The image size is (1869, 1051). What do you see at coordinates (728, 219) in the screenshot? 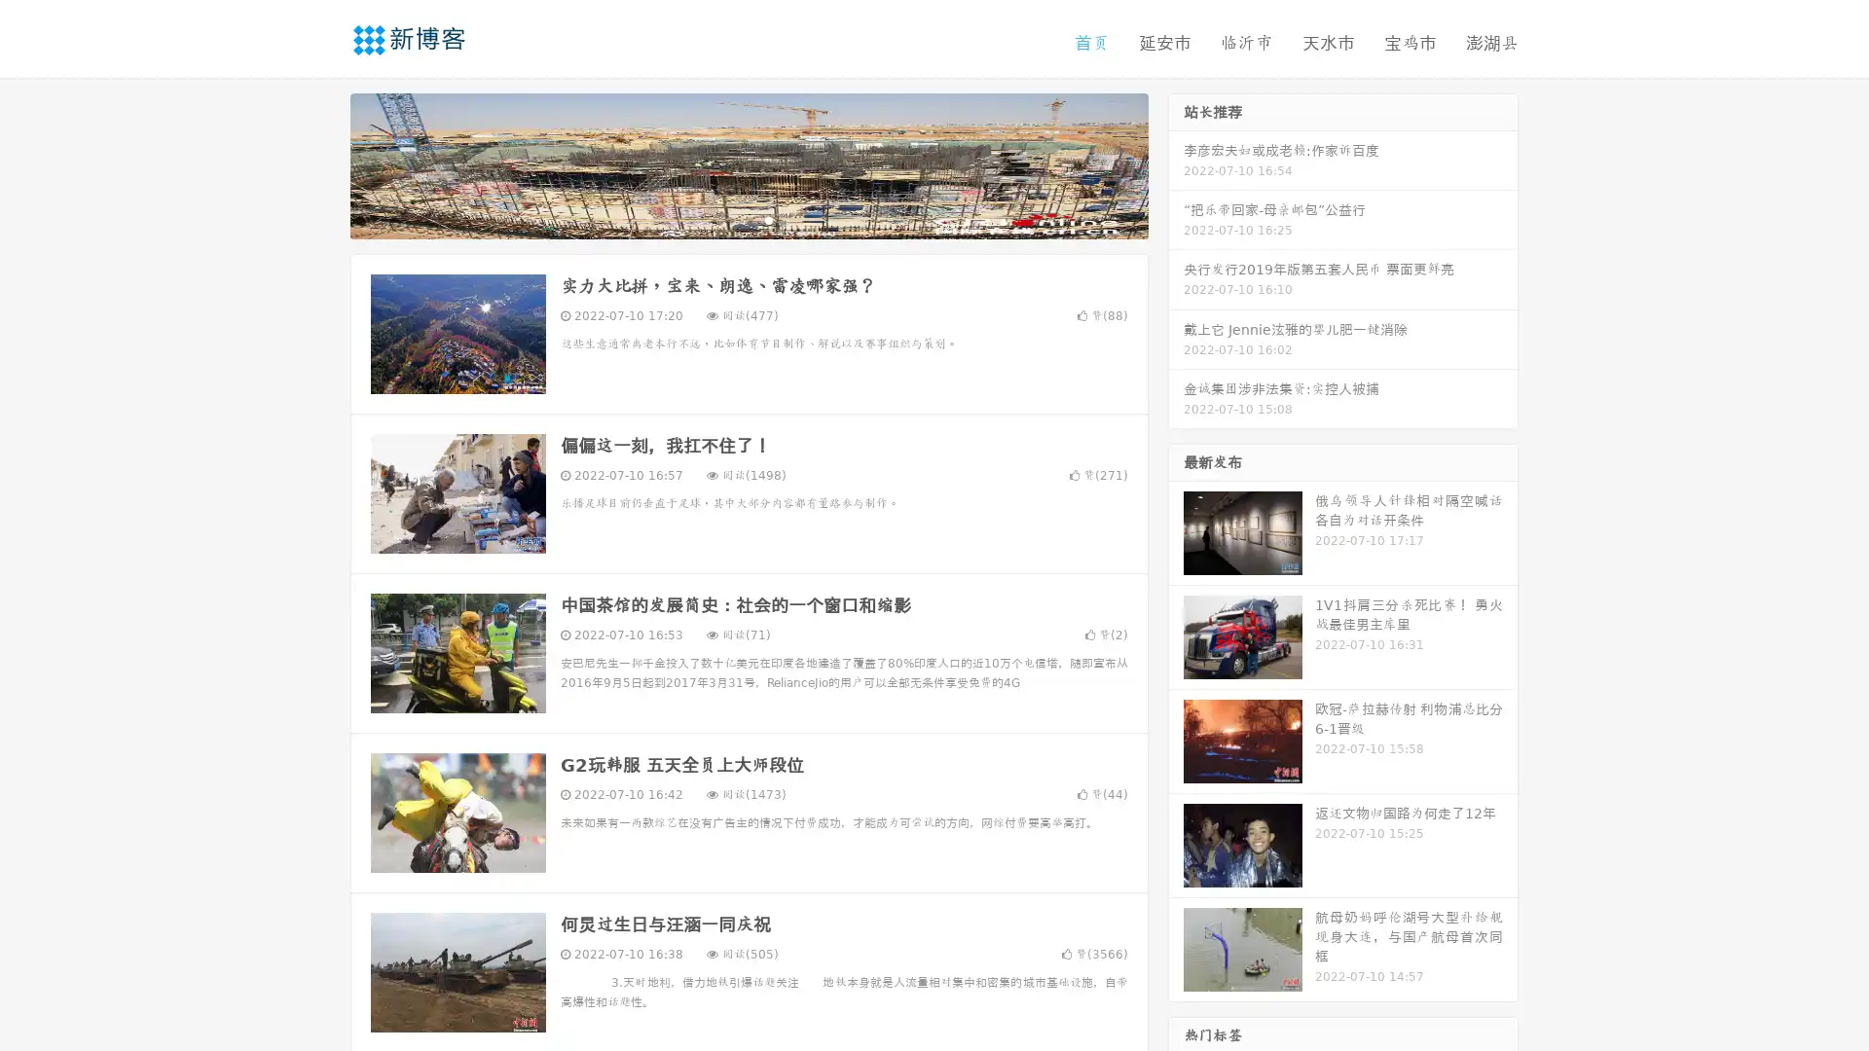
I see `Go to slide 1` at bounding box center [728, 219].